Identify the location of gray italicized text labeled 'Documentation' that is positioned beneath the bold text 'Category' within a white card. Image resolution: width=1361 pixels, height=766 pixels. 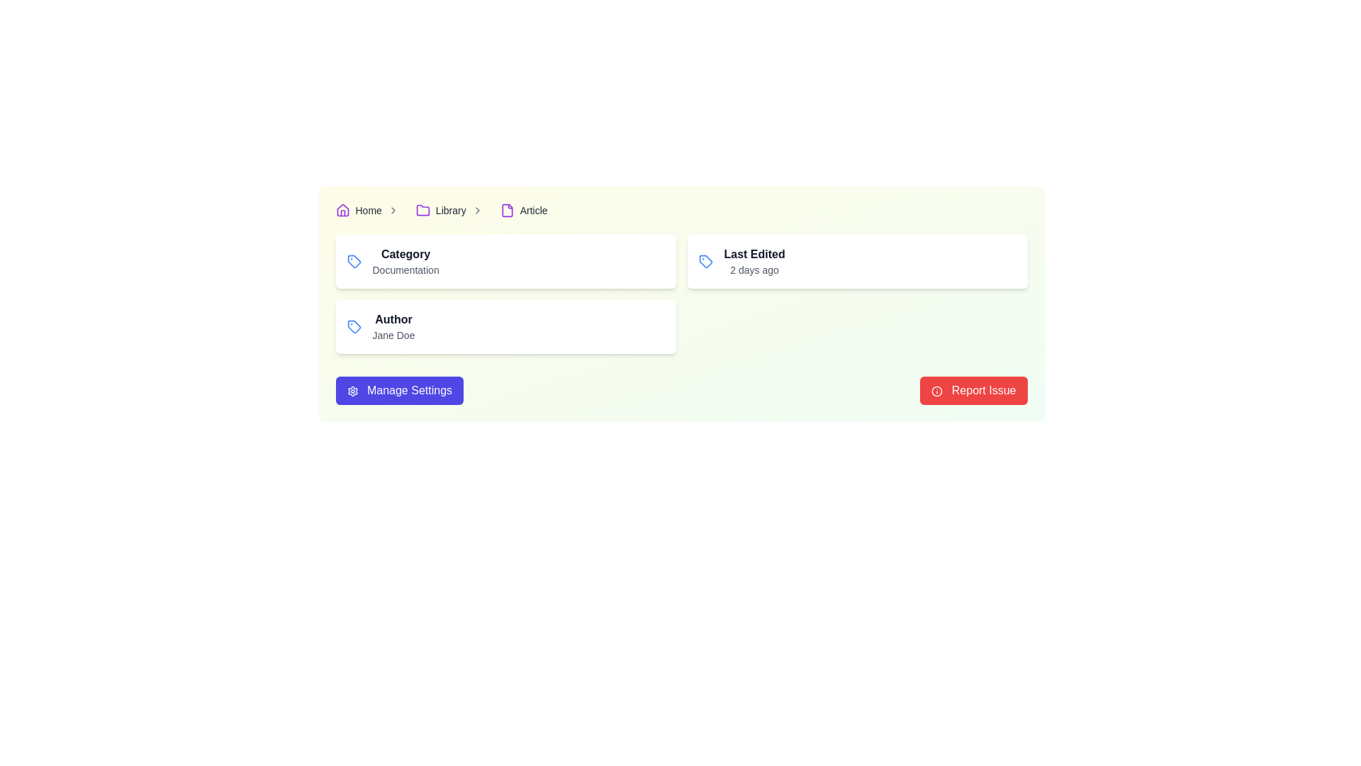
(405, 270).